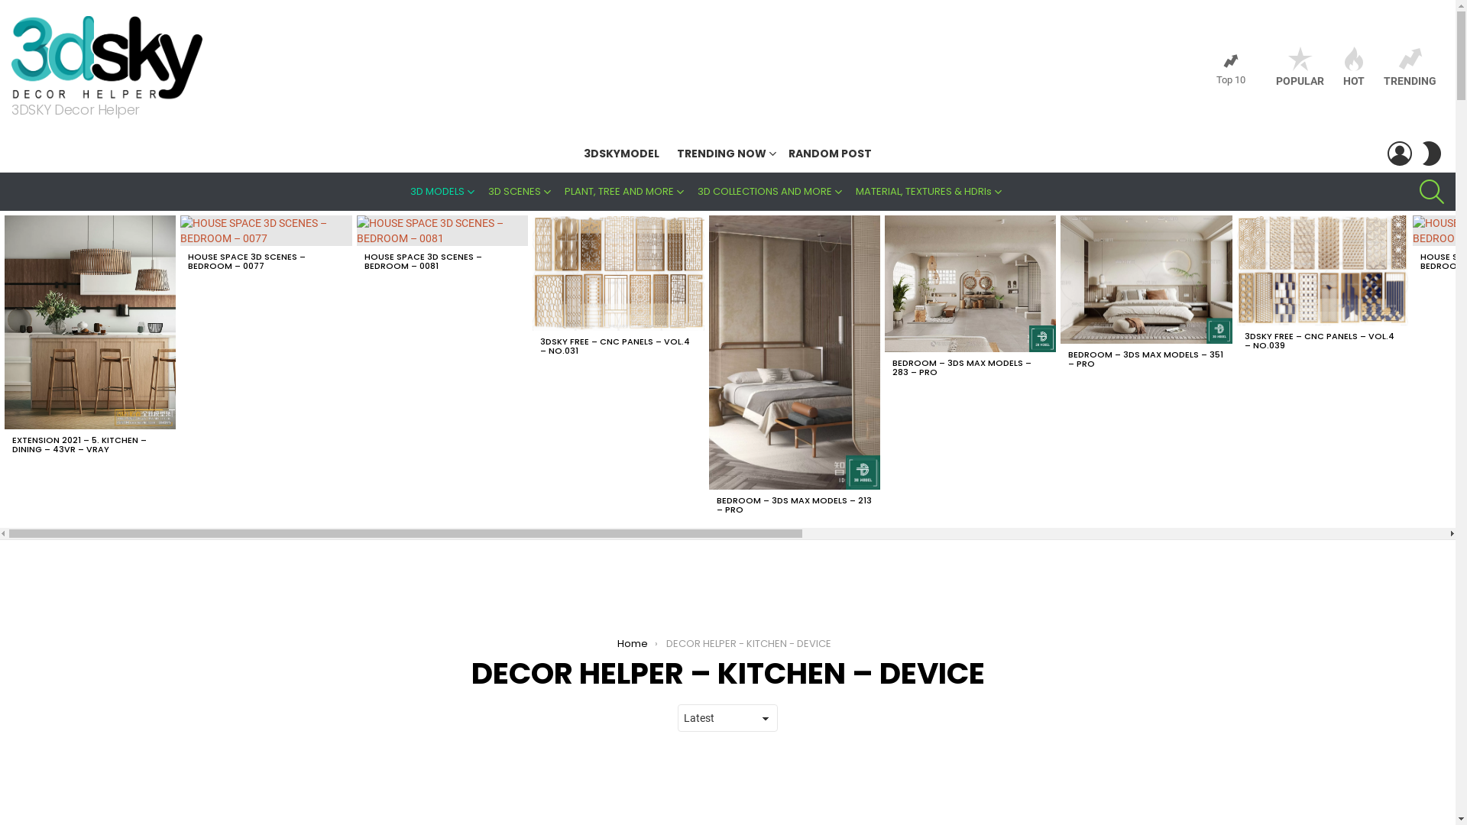  What do you see at coordinates (633, 643) in the screenshot?
I see `'Home'` at bounding box center [633, 643].